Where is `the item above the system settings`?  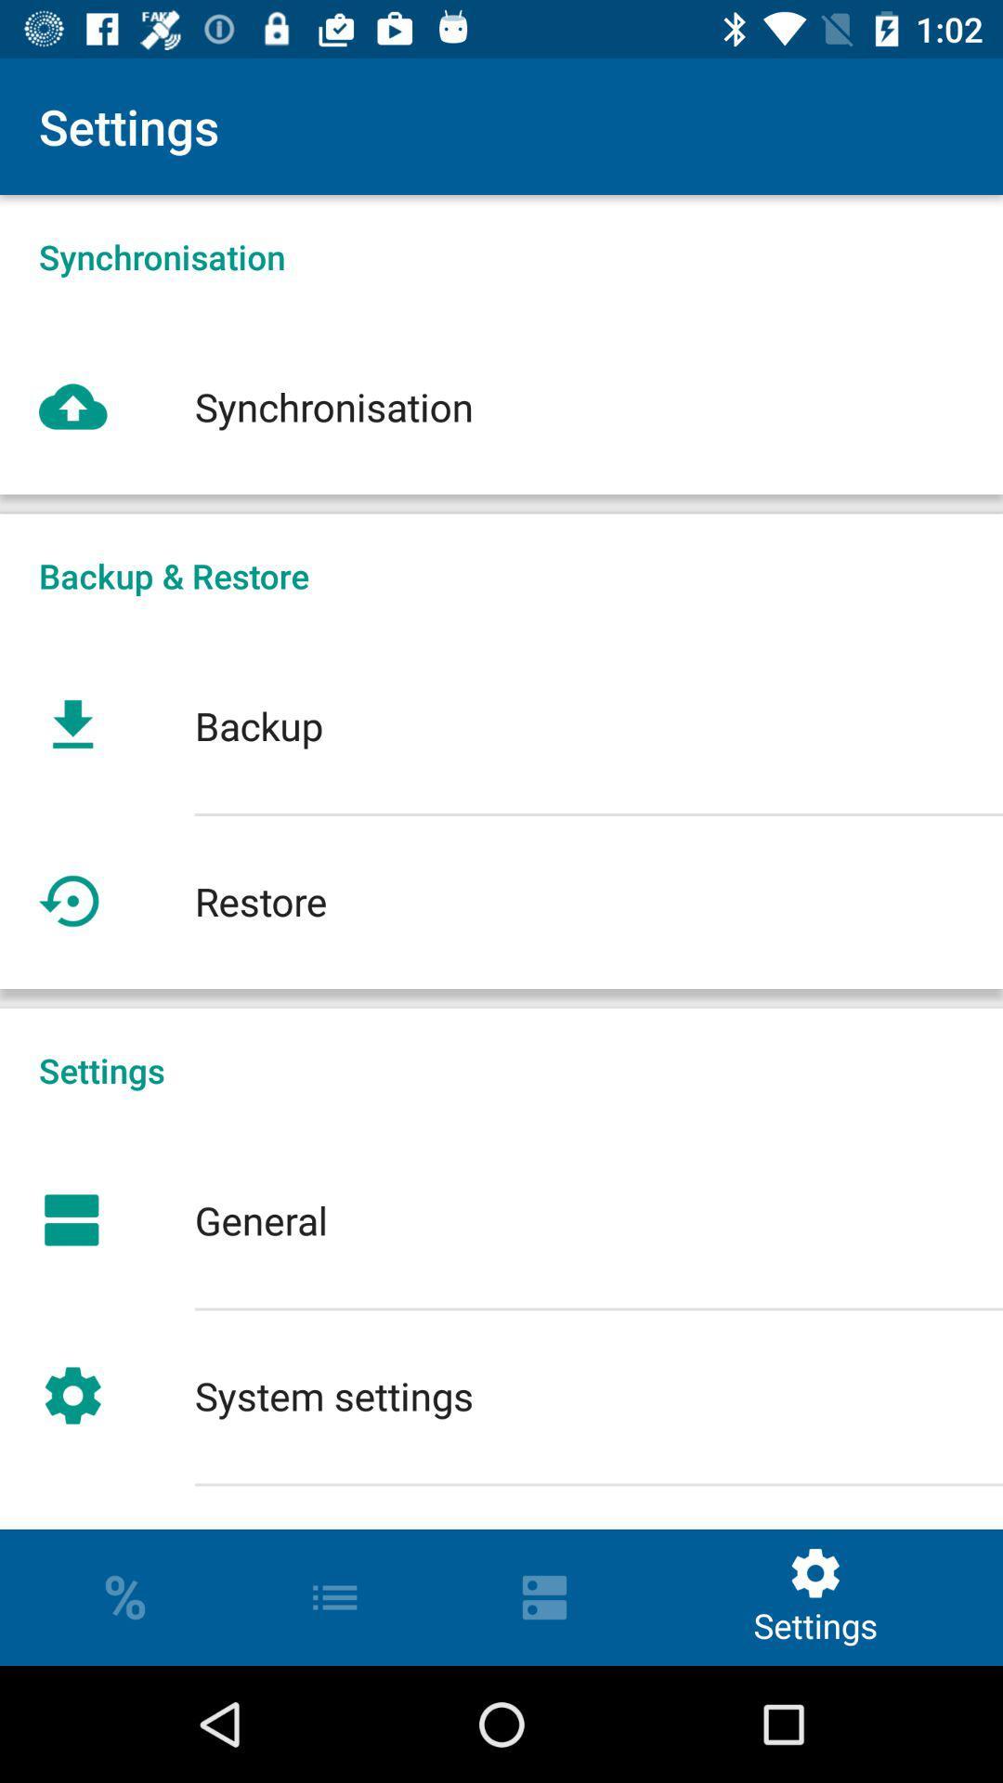 the item above the system settings is located at coordinates (501, 1220).